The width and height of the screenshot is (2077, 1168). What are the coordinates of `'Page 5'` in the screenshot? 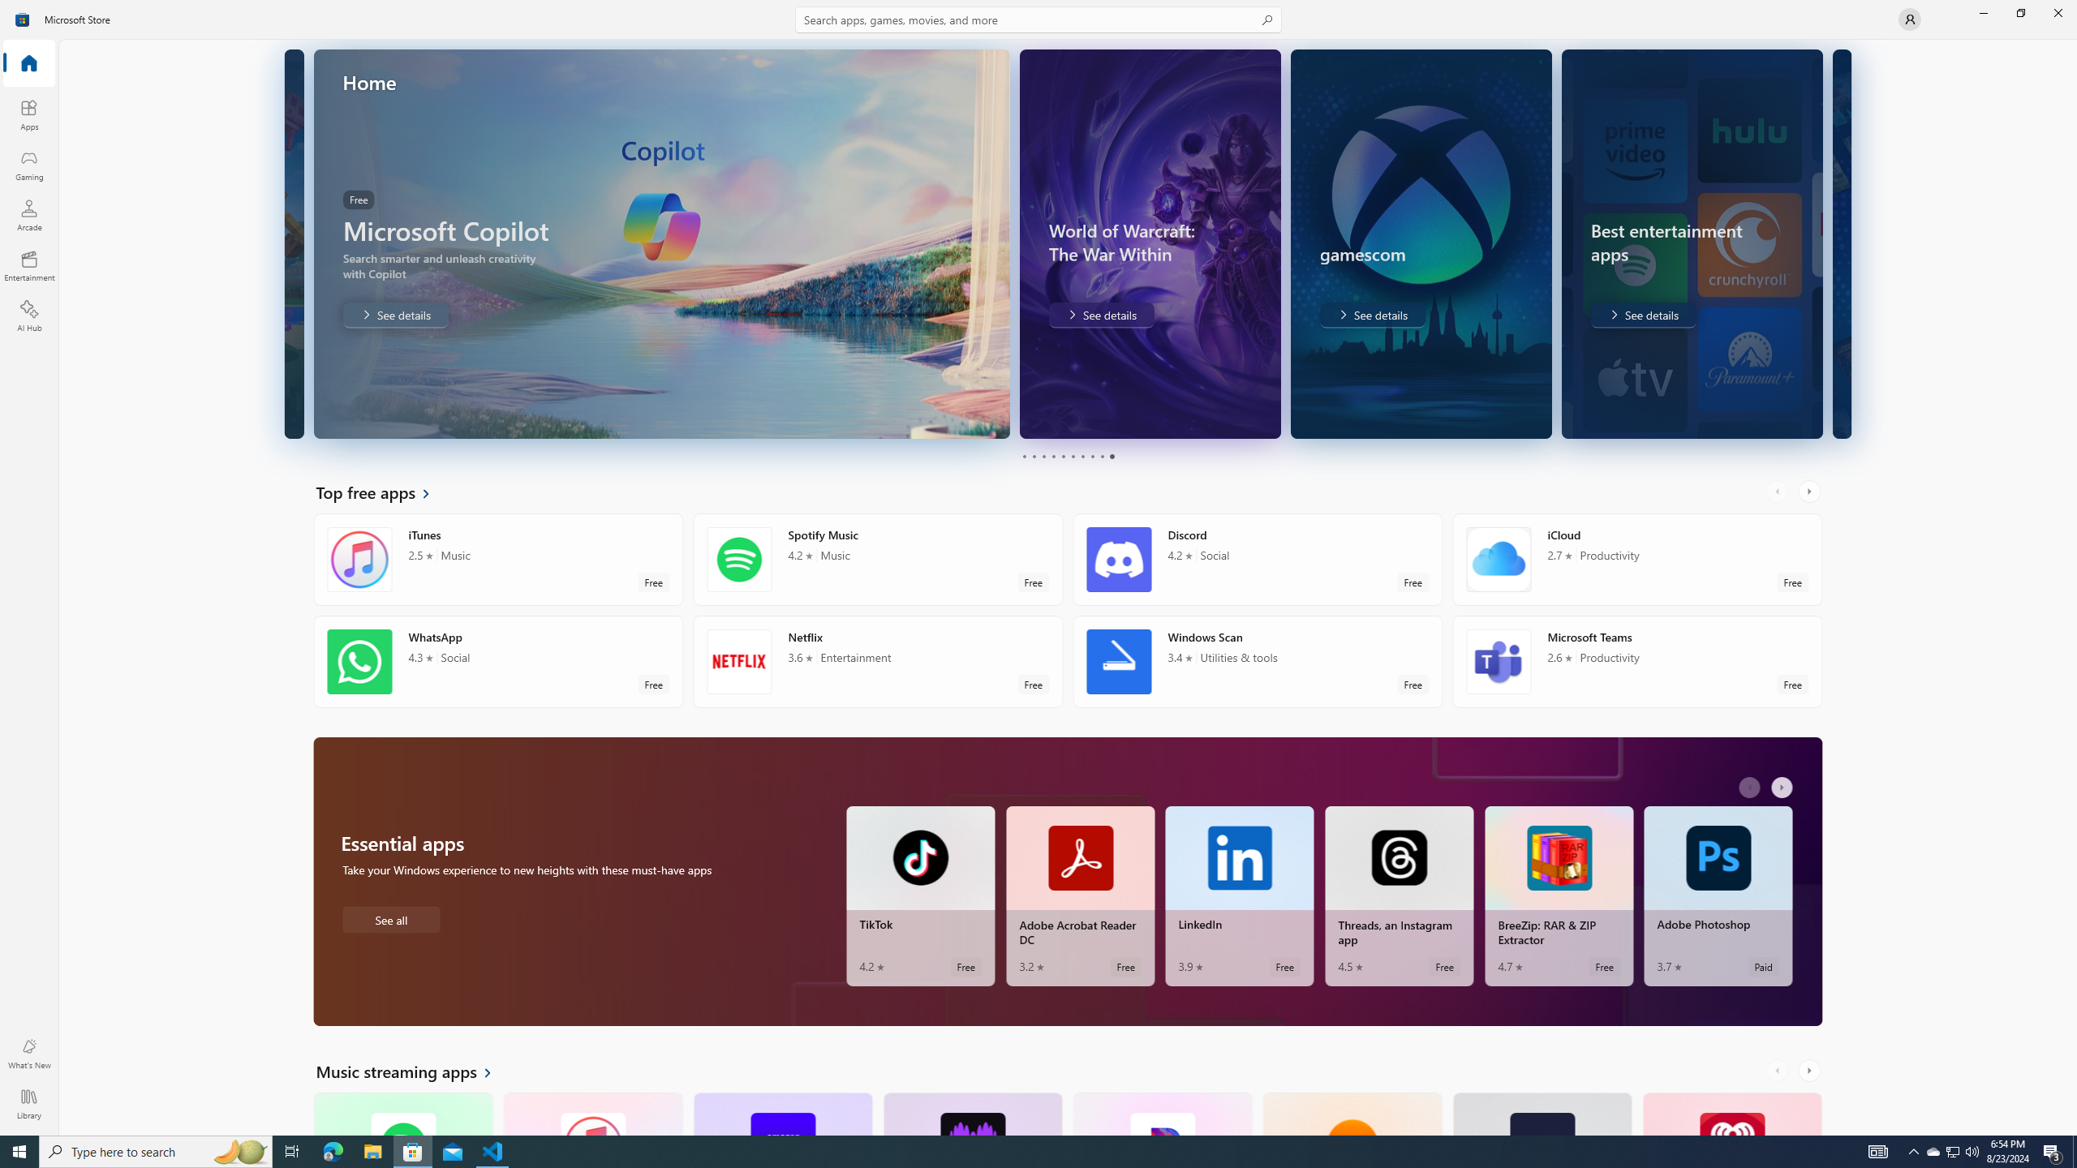 It's located at (1061, 456).